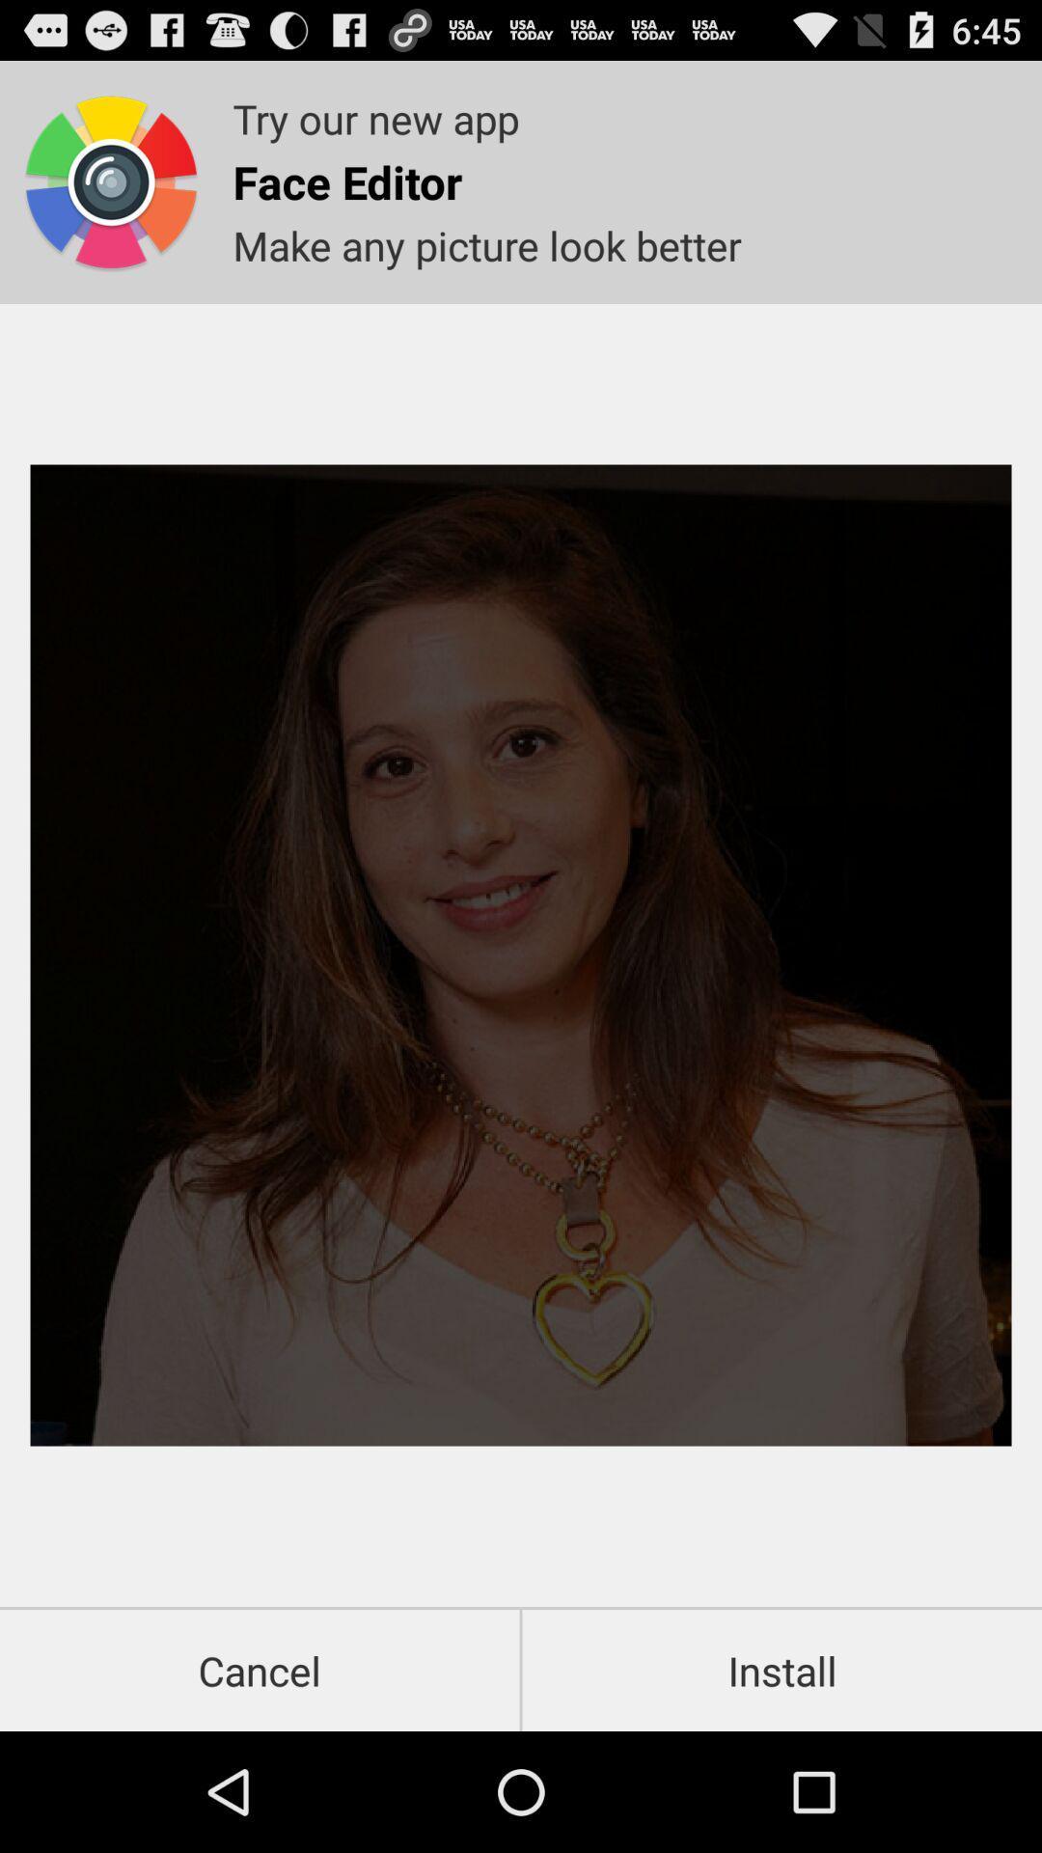 This screenshot has width=1042, height=1853. What do you see at coordinates (781, 1670) in the screenshot?
I see `install` at bounding box center [781, 1670].